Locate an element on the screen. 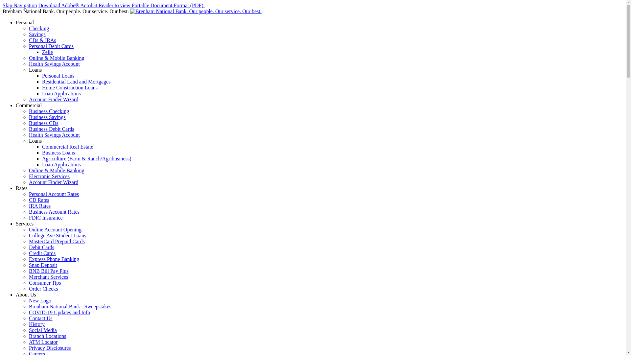 The width and height of the screenshot is (631, 355). 'Agriculture (Farm & Ranch/Agribusiness)' is located at coordinates (86, 158).